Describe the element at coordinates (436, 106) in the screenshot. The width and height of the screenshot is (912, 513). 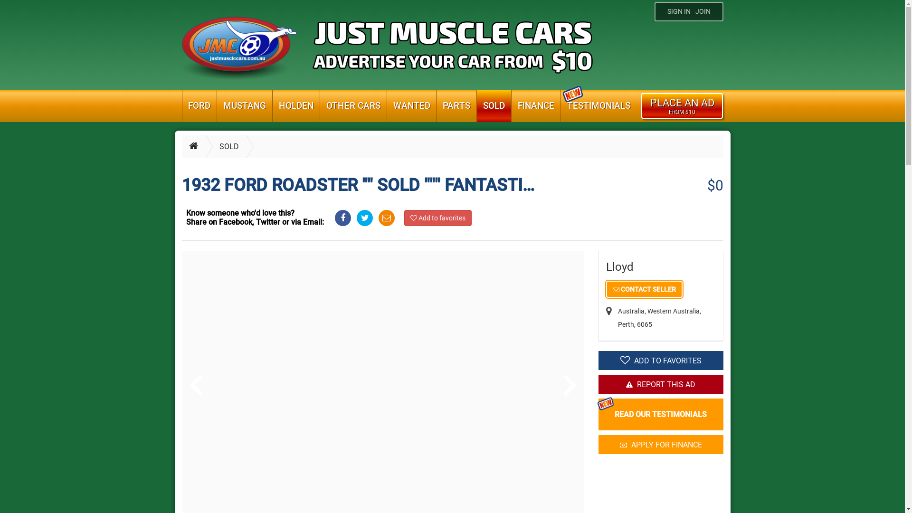
I see `'PARTS'` at that location.